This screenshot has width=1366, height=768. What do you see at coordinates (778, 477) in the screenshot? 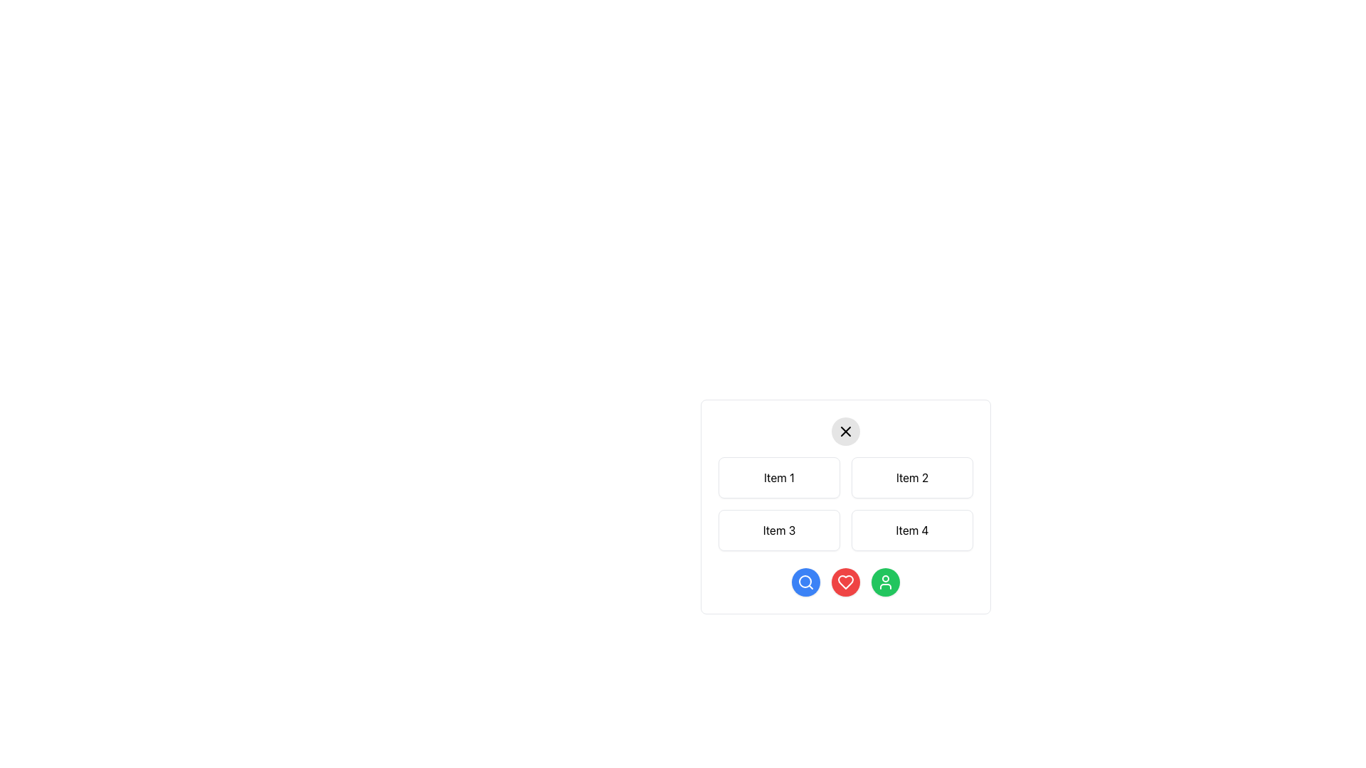
I see `the button labeled 'Item 1', which is a rectangular button with rounded corners and contains the text 'Item 1'` at bounding box center [778, 477].